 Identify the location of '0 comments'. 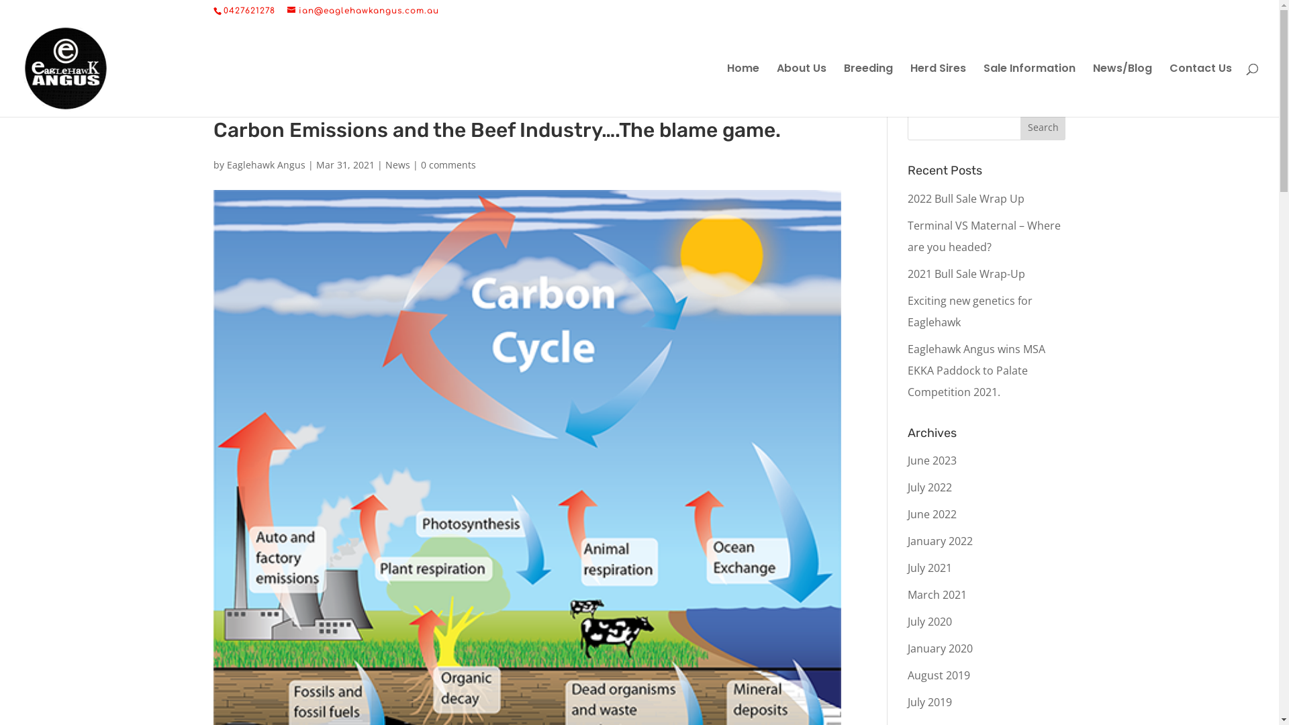
(448, 164).